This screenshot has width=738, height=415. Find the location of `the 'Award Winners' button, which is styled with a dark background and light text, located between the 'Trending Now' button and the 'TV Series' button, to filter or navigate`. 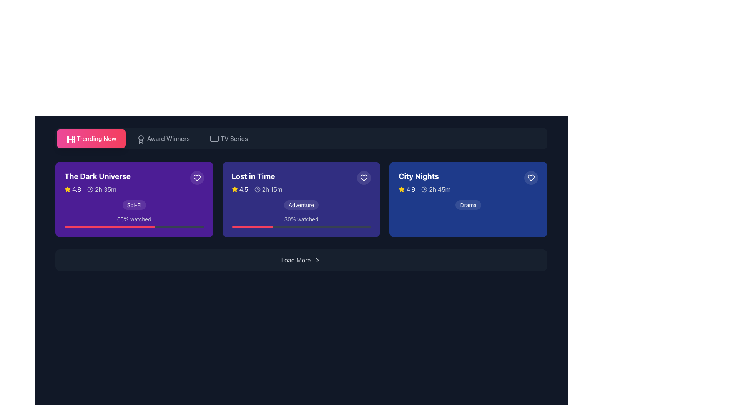

the 'Award Winners' button, which is styled with a dark background and light text, located between the 'Trending Now' button and the 'TV Series' button, to filter or navigate is located at coordinates (163, 139).